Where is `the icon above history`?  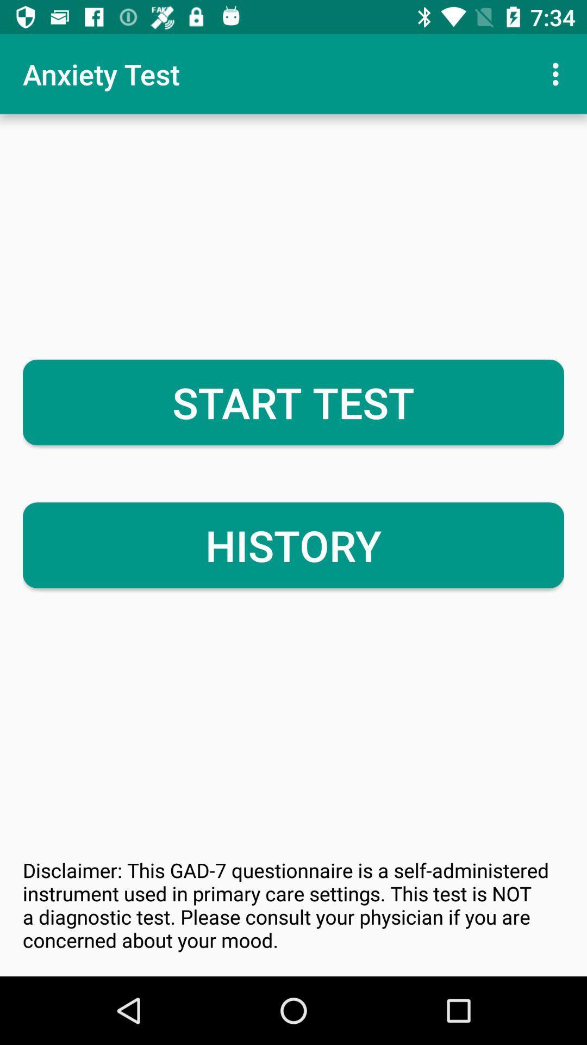
the icon above history is located at coordinates (293, 402).